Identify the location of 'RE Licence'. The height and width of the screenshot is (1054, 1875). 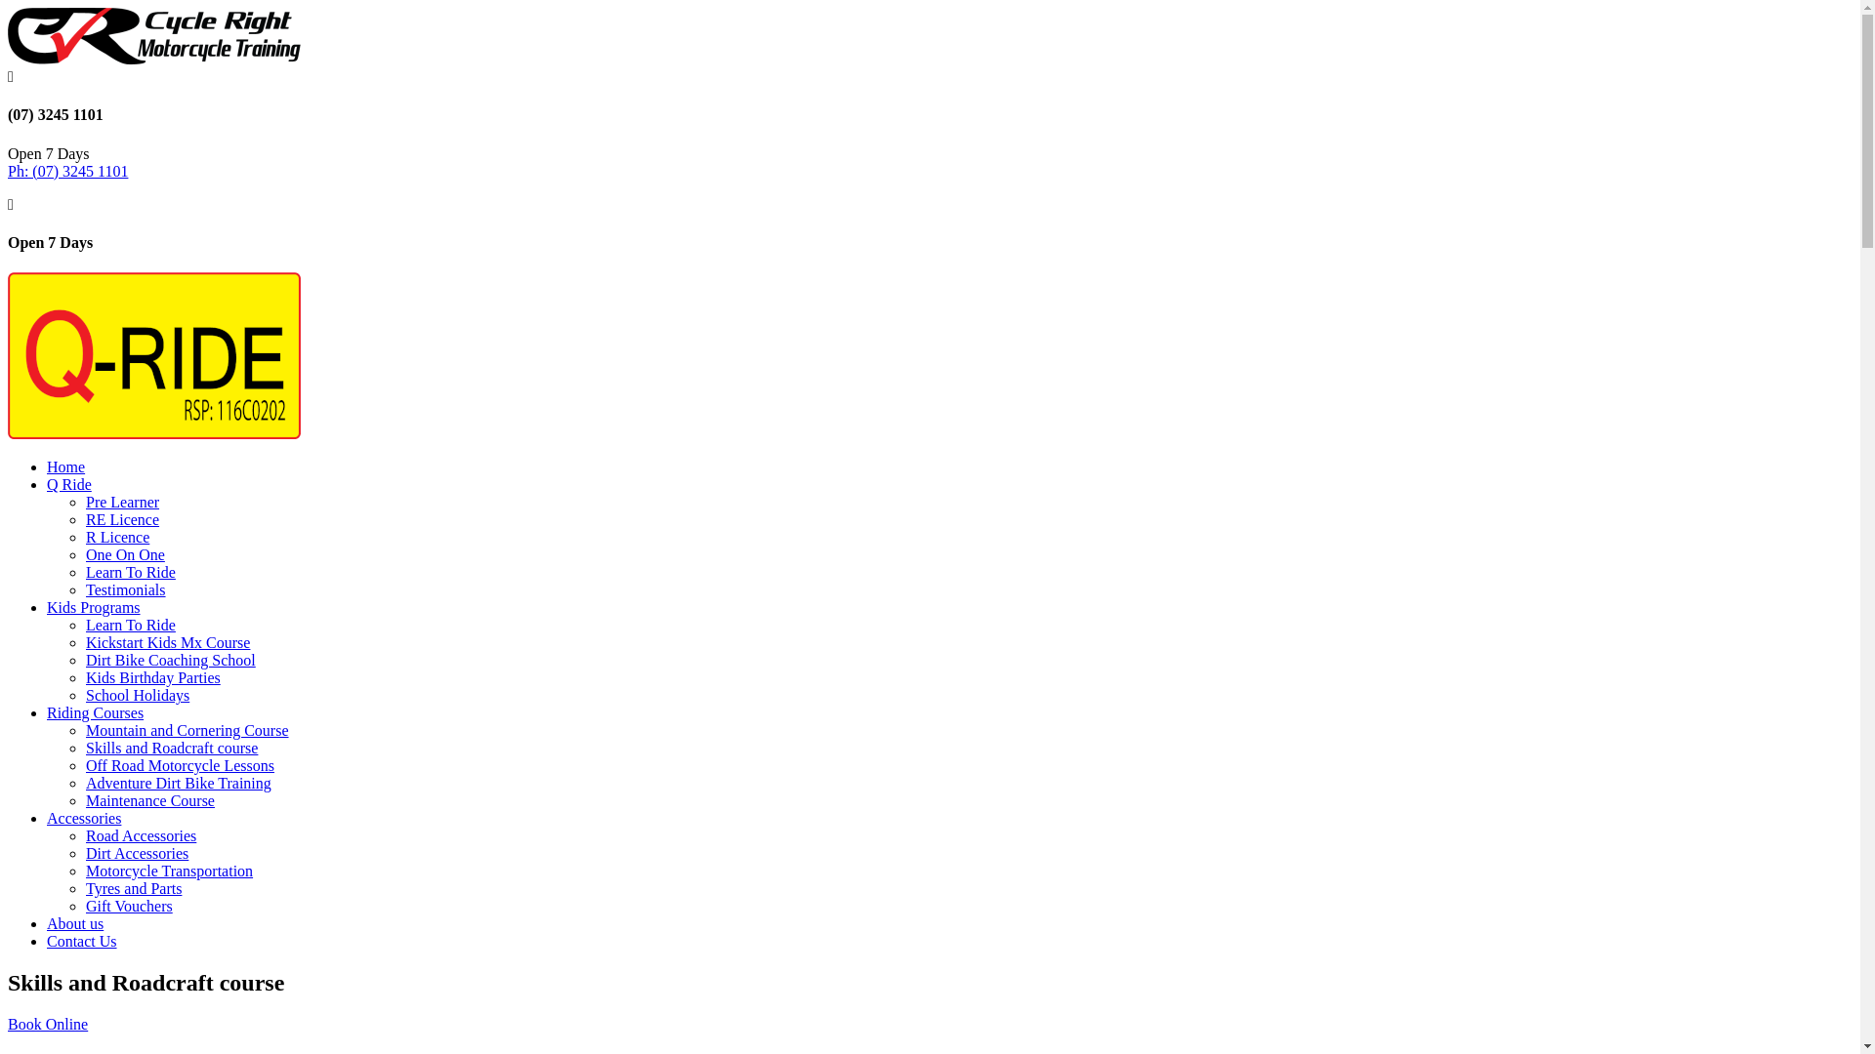
(121, 518).